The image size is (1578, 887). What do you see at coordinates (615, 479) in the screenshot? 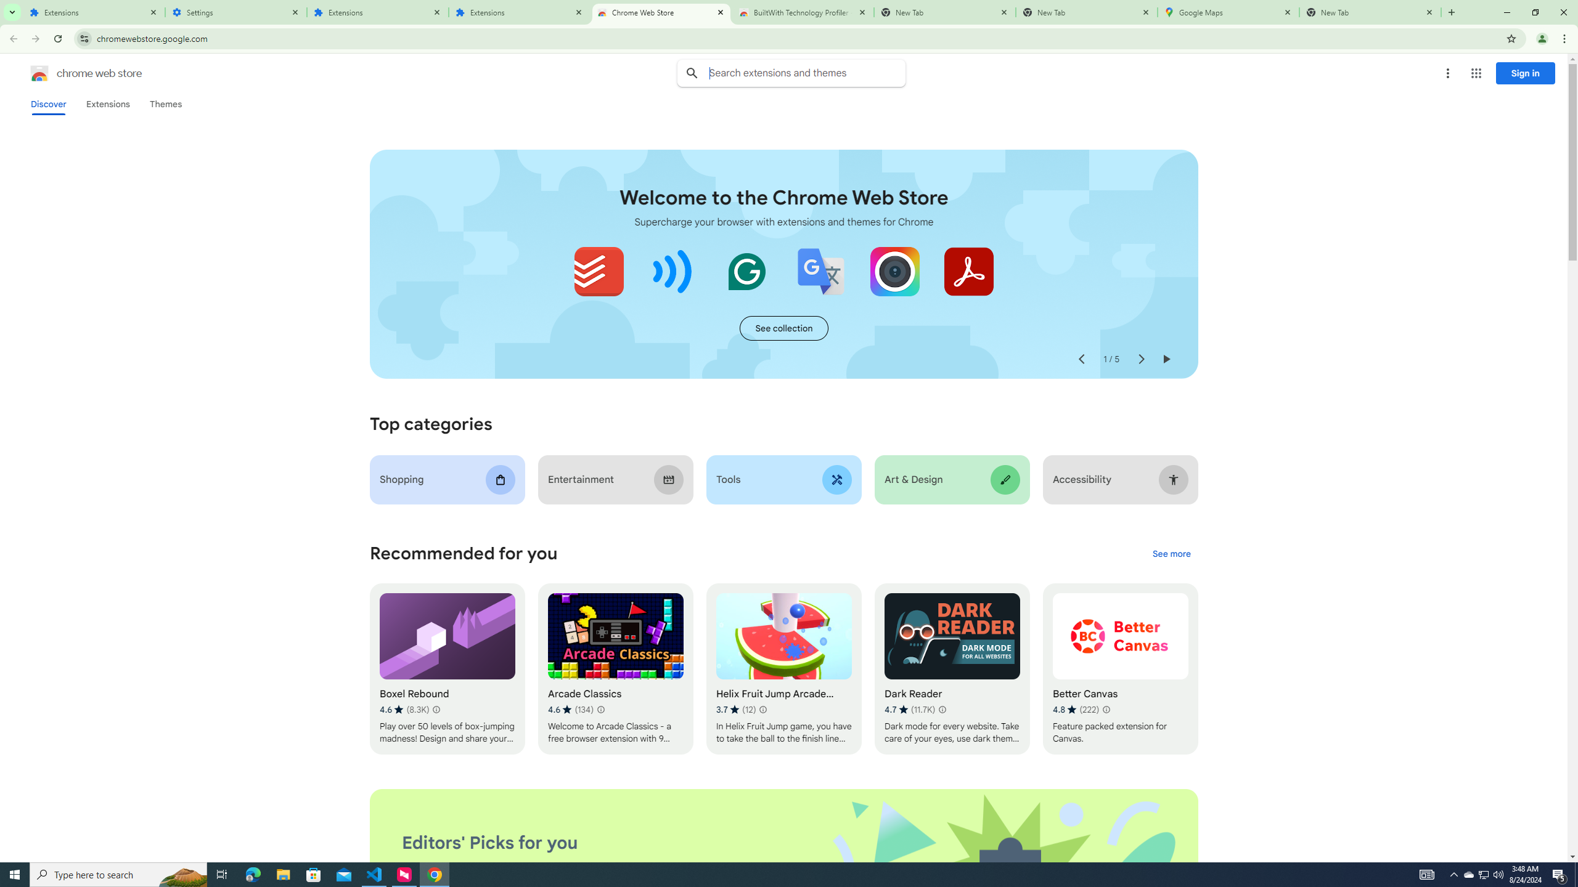
I see `'Entertainment'` at bounding box center [615, 479].